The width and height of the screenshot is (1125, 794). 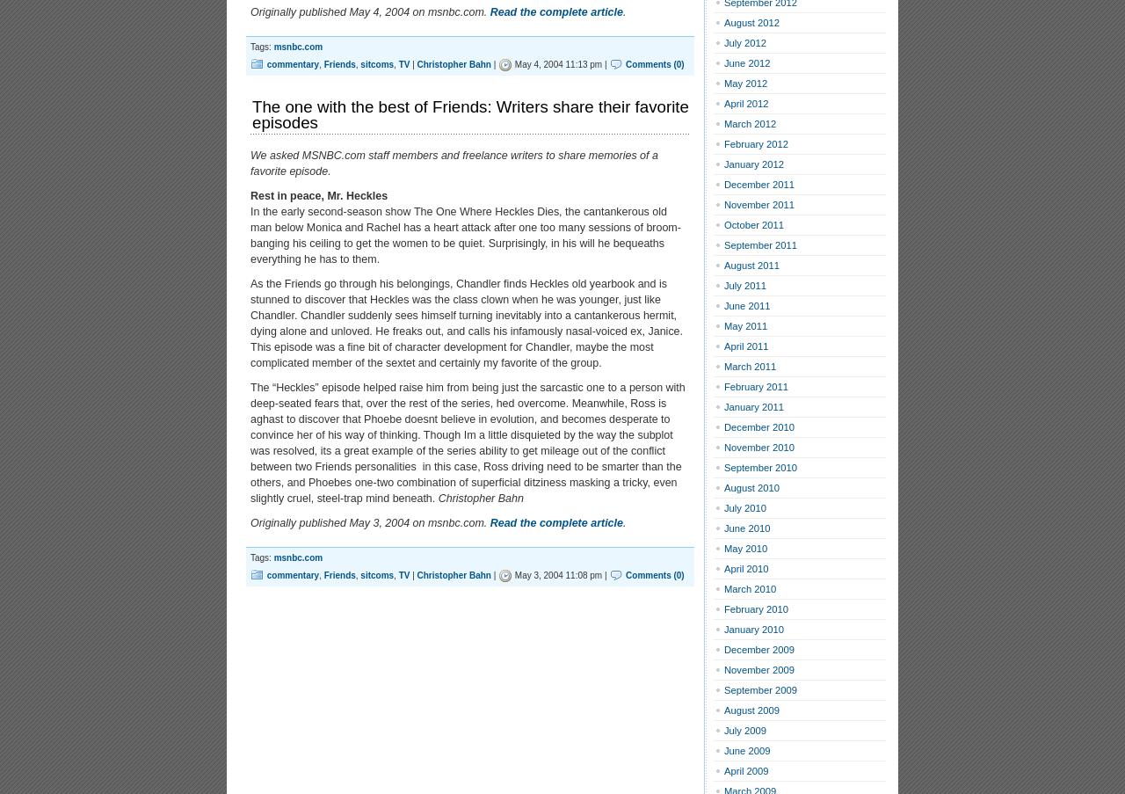 What do you see at coordinates (751, 22) in the screenshot?
I see `'August 2012'` at bounding box center [751, 22].